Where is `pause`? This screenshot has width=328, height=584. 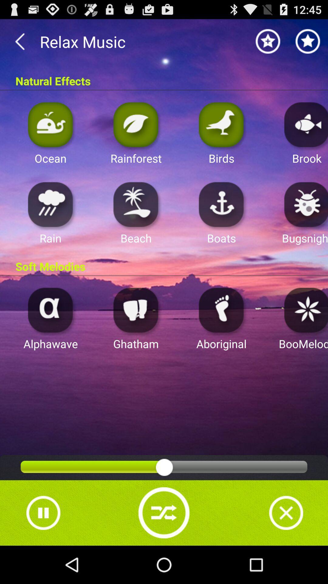
pause is located at coordinates (43, 513).